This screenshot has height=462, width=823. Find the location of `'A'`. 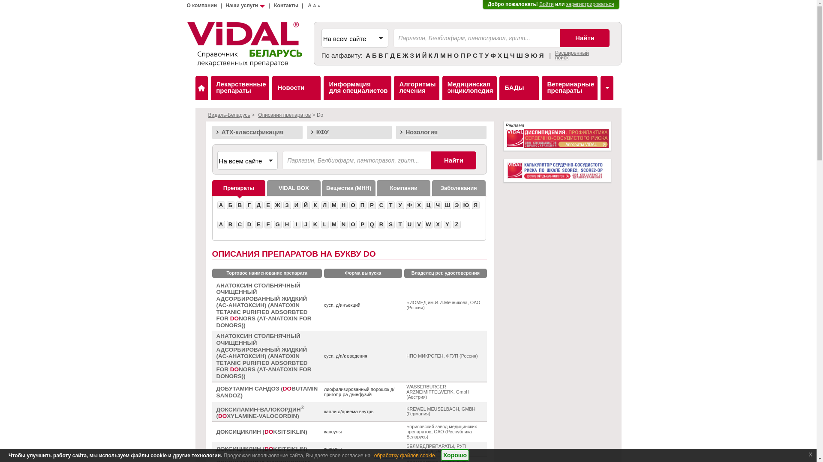

'A' is located at coordinates (318, 6).